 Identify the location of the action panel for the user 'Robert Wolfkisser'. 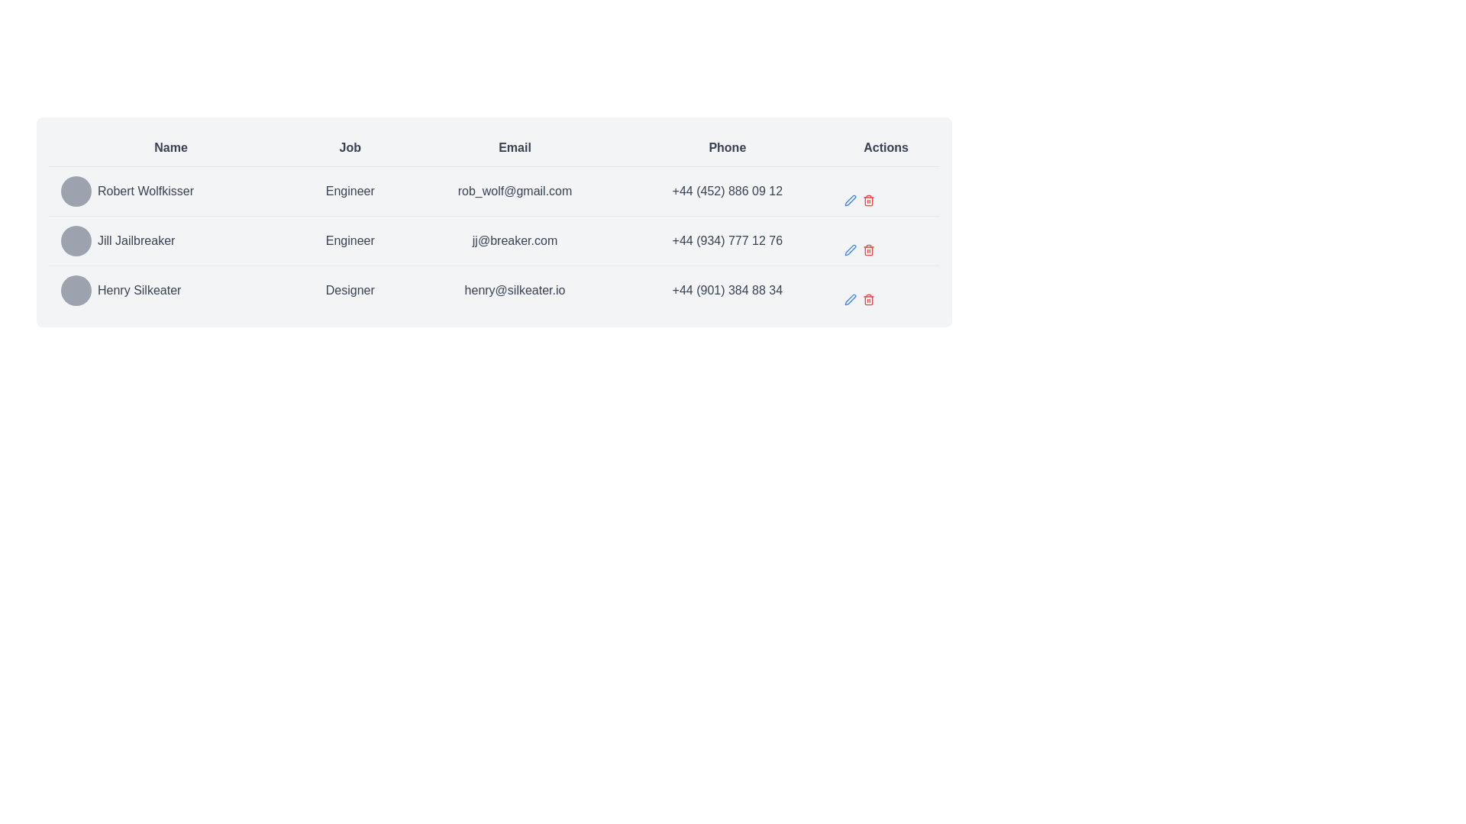
(886, 199).